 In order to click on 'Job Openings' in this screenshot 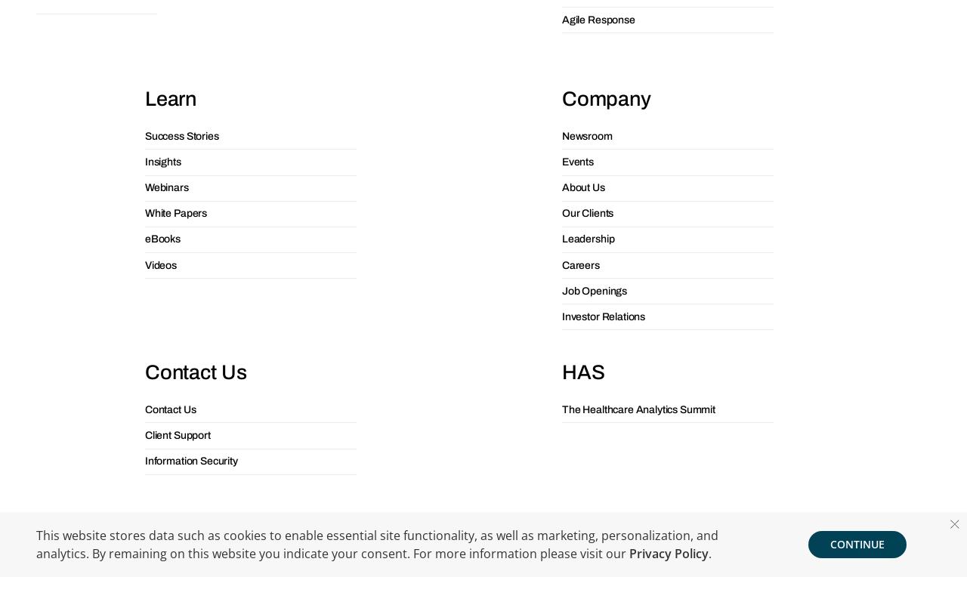, I will do `click(593, 18)`.